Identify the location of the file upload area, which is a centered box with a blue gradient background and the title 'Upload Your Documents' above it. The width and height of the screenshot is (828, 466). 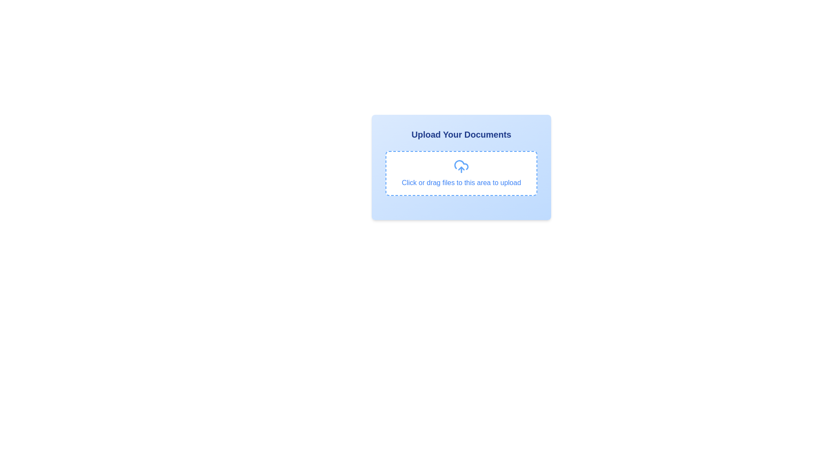
(461, 173).